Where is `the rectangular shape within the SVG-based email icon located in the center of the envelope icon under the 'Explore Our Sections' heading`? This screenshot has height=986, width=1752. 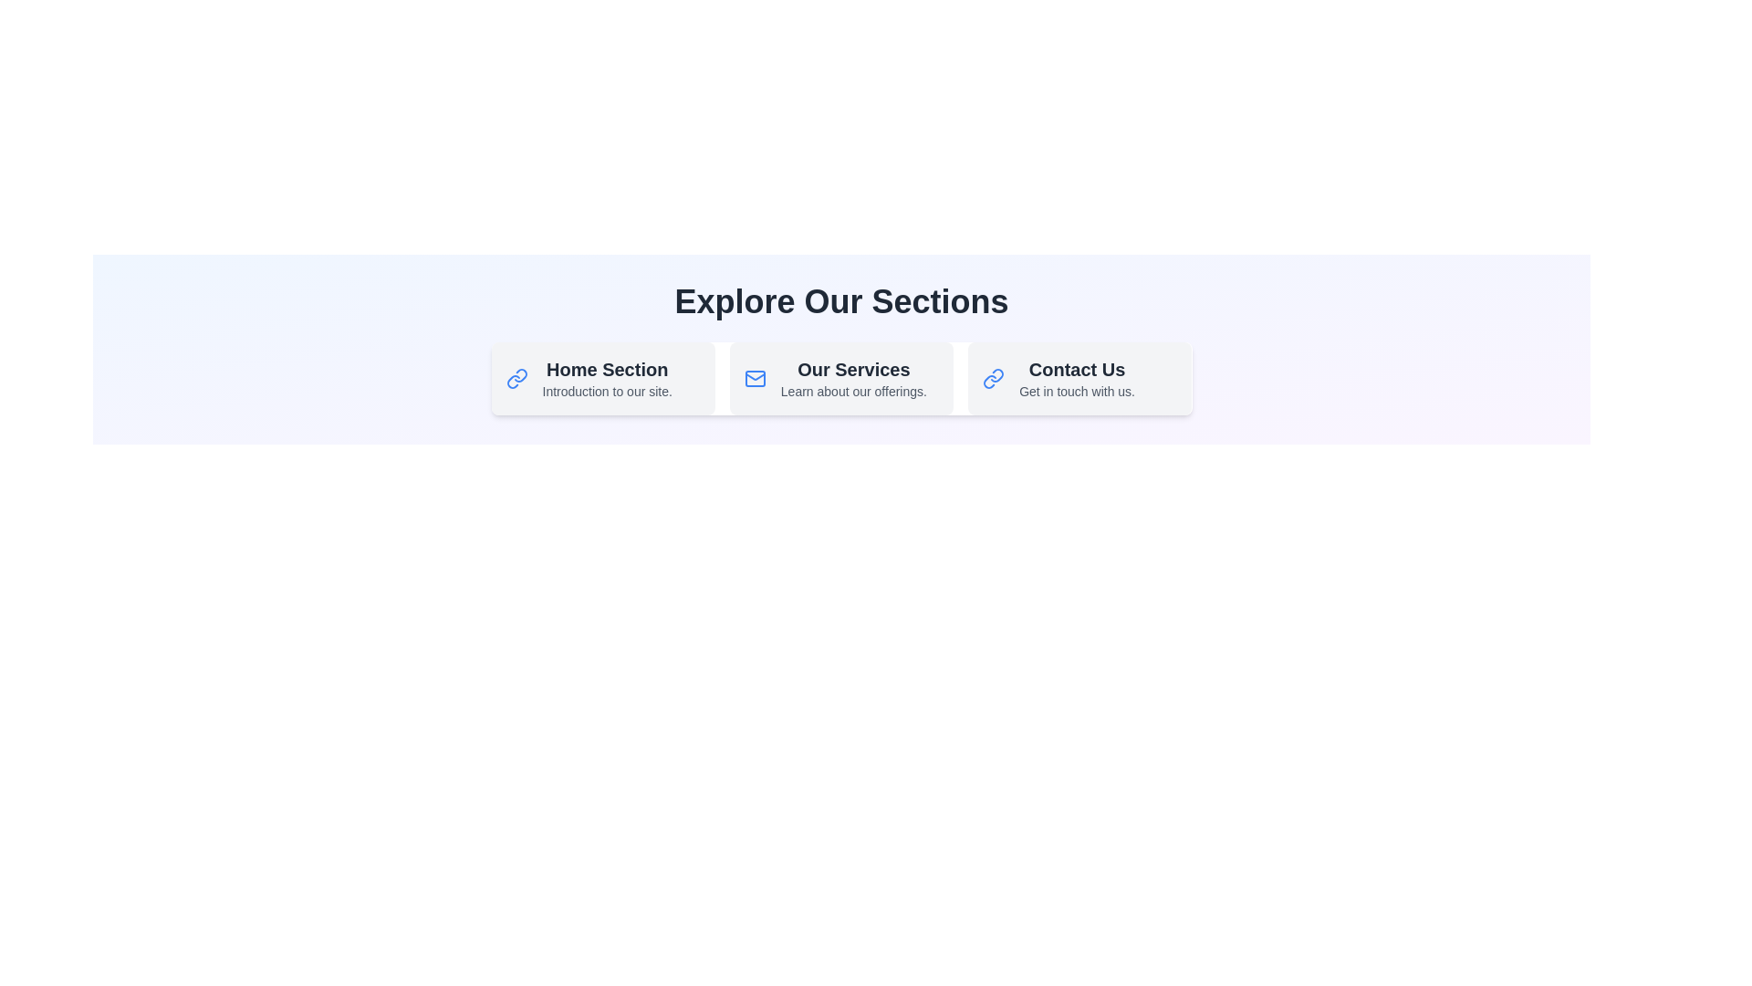 the rectangular shape within the SVG-based email icon located in the center of the envelope icon under the 'Explore Our Sections' heading is located at coordinates (755, 378).